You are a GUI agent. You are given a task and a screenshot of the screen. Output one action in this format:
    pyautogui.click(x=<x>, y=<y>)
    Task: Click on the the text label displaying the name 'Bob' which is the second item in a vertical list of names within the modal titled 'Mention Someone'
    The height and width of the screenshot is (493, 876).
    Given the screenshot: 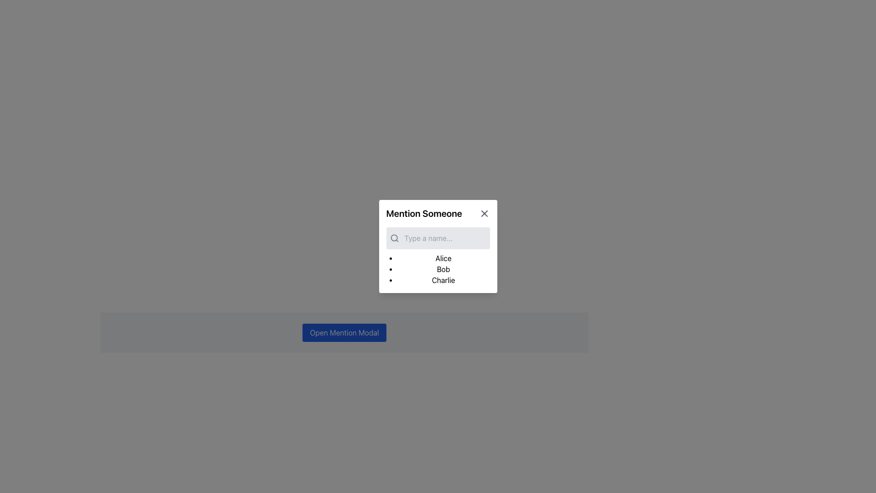 What is the action you would take?
    pyautogui.click(x=443, y=269)
    